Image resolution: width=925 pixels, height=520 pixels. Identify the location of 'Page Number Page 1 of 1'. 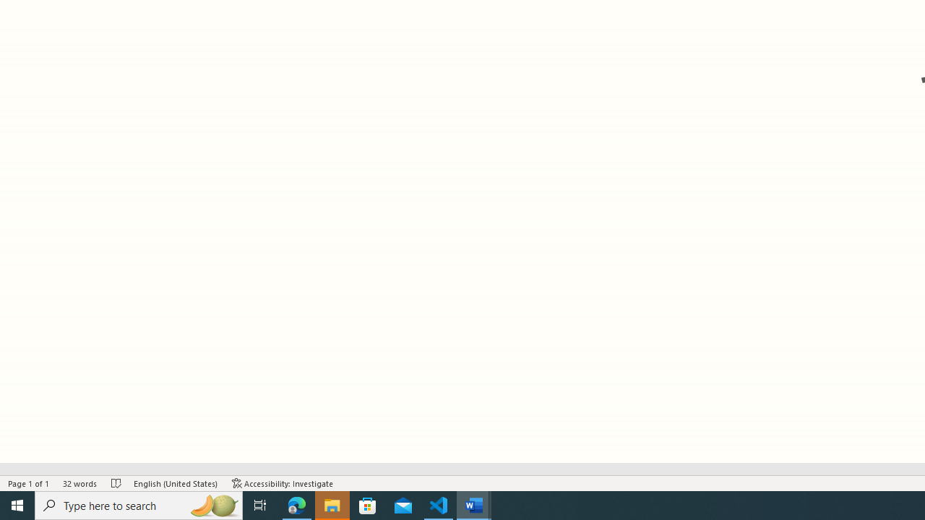
(29, 483).